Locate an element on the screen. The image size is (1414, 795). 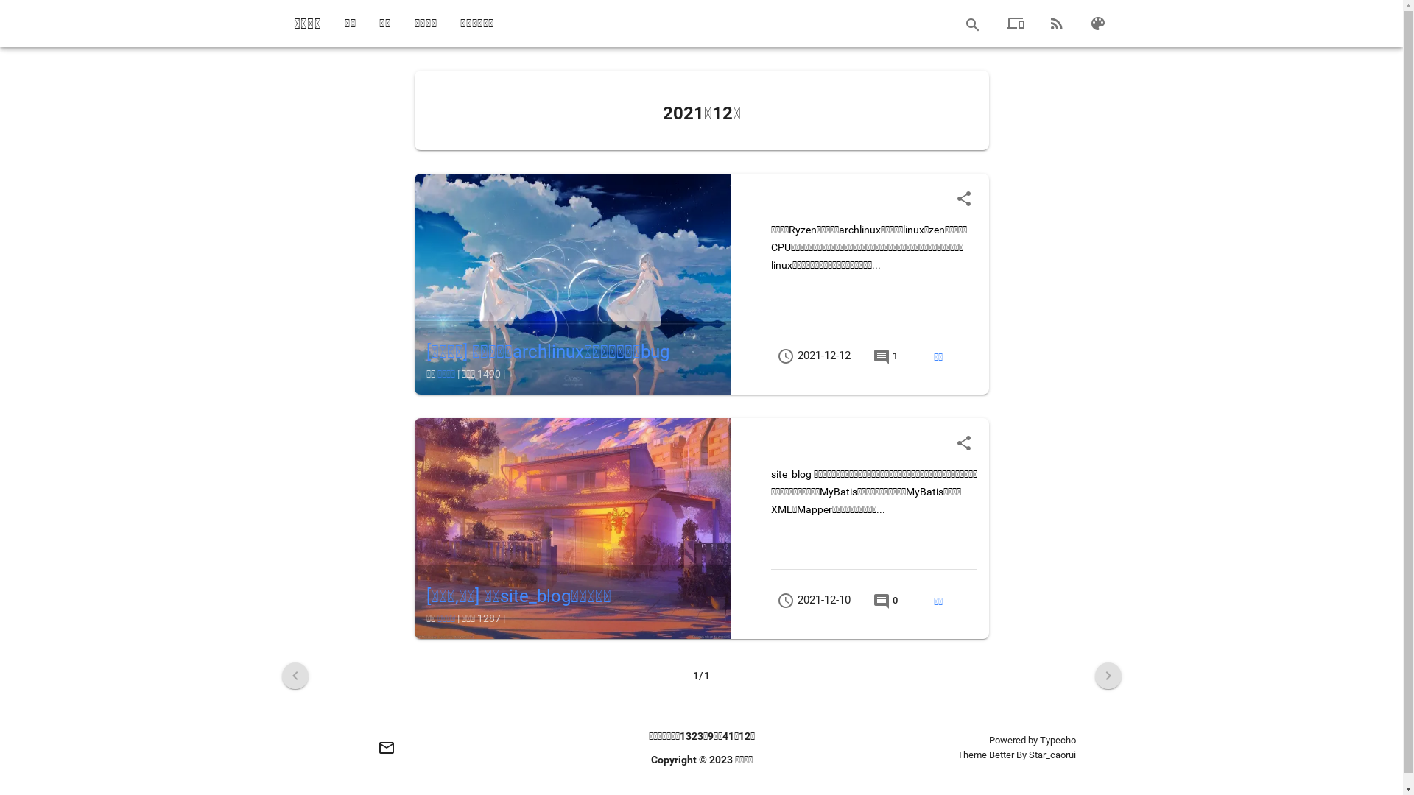
'Star_caorui' is located at coordinates (1027, 755).